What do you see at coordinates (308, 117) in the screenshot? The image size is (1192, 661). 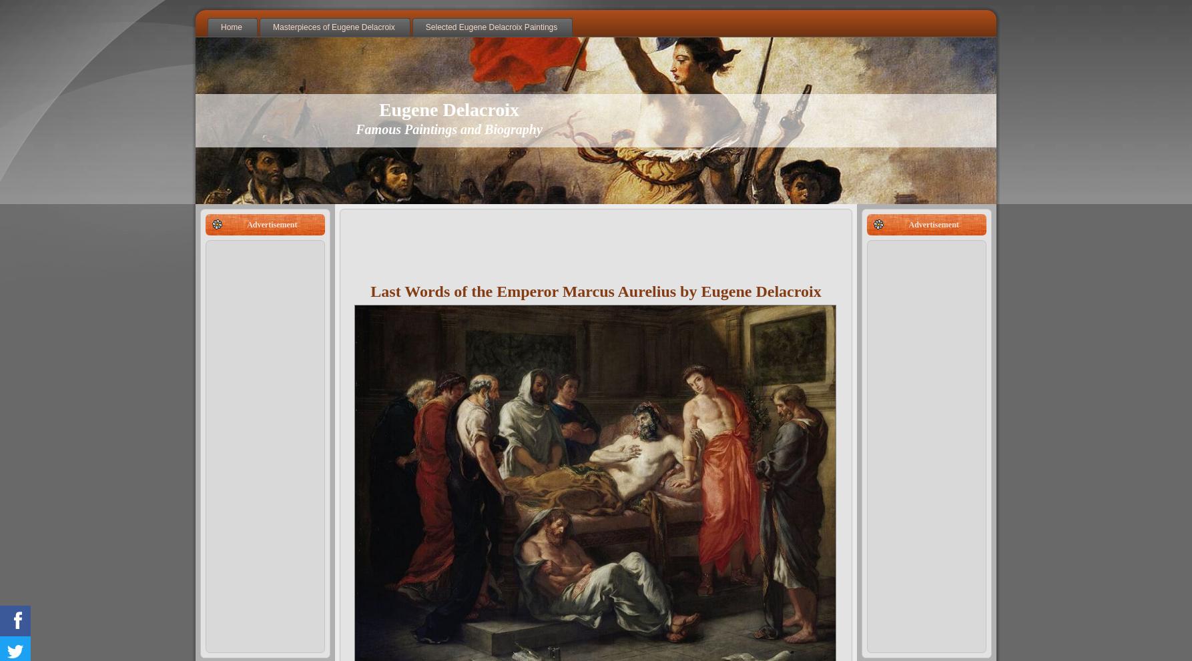 I see `'Arab Saddling his Horse'` at bounding box center [308, 117].